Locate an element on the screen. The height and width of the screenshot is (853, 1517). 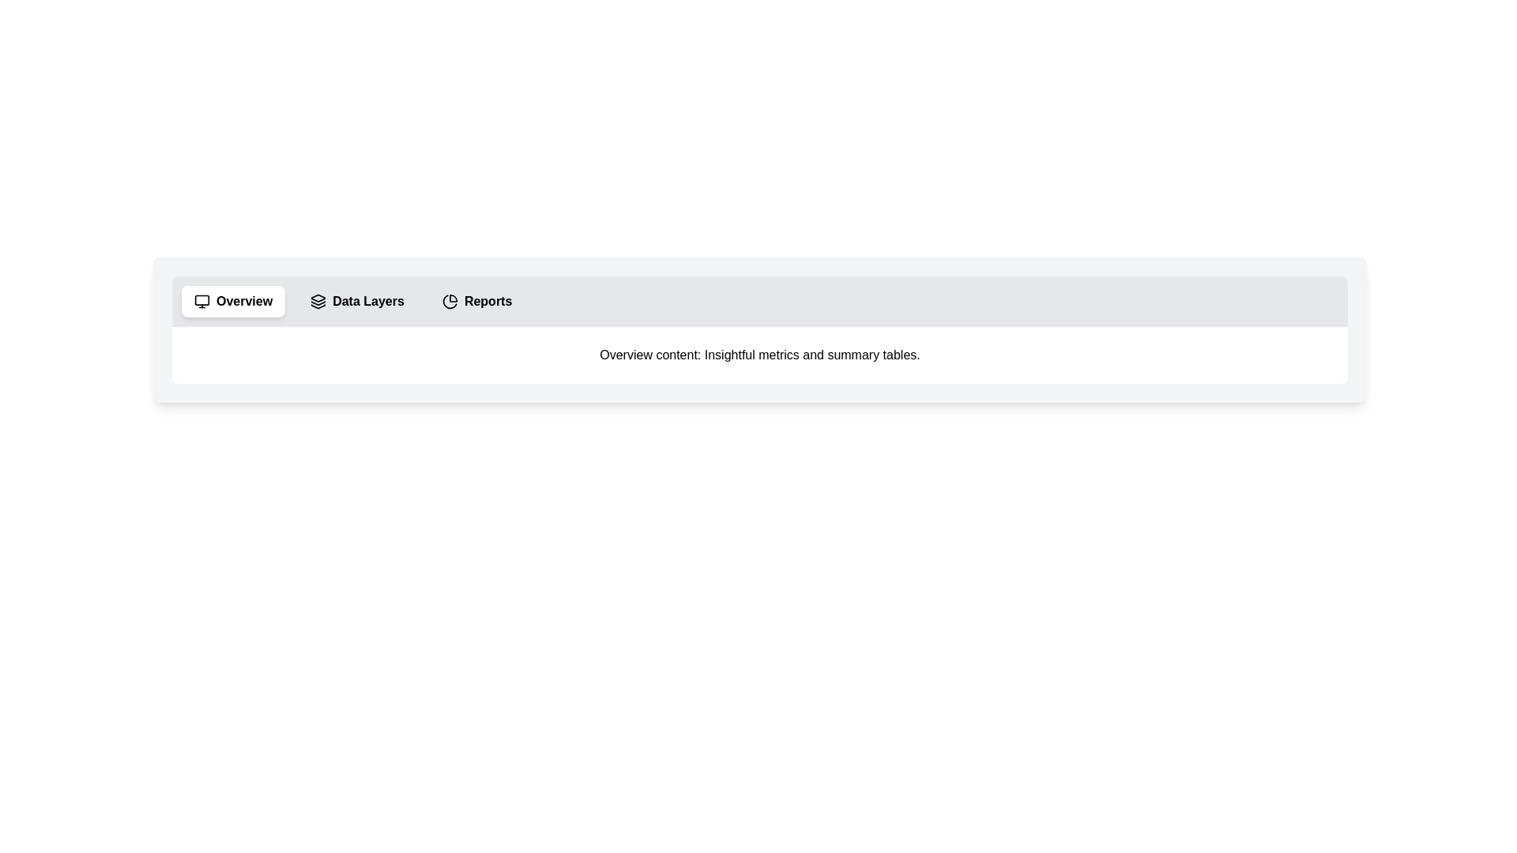
the Overview tab to view its content is located at coordinates (232, 301).